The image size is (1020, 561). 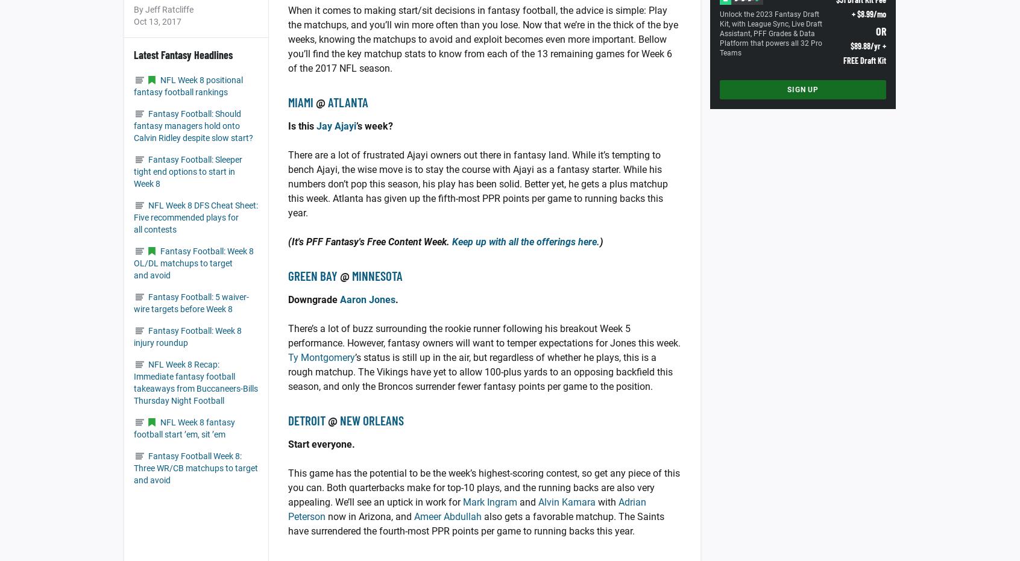 I want to click on 'and', so click(x=527, y=501).